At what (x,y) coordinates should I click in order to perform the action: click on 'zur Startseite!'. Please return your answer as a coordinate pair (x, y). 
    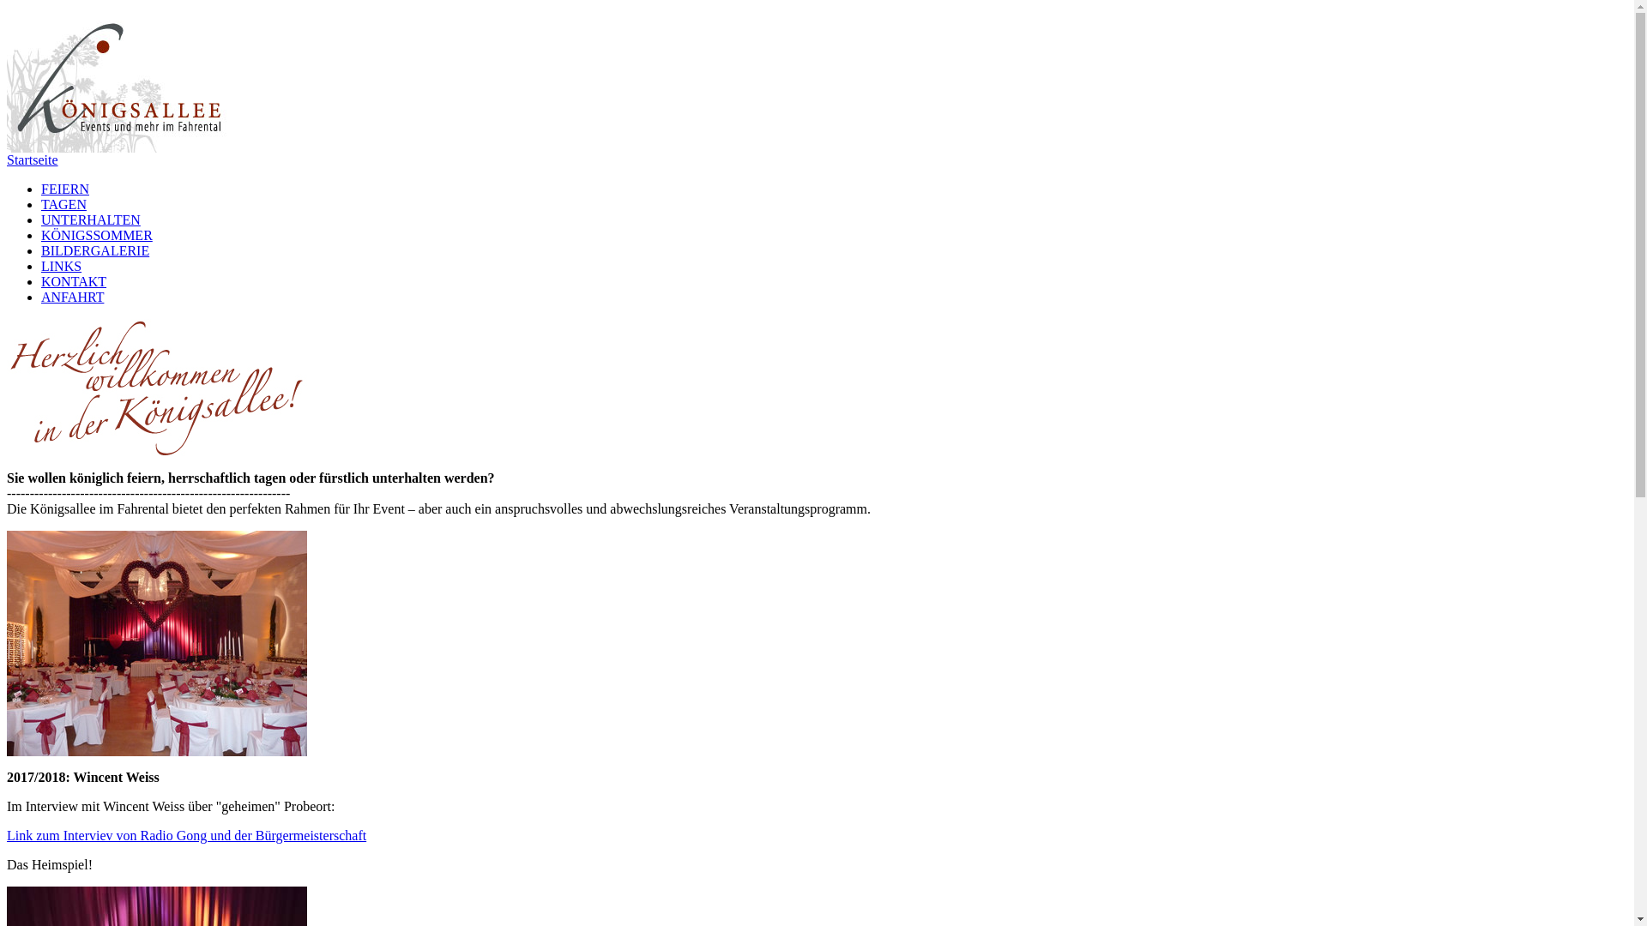
    Looking at the image, I should click on (122, 79).